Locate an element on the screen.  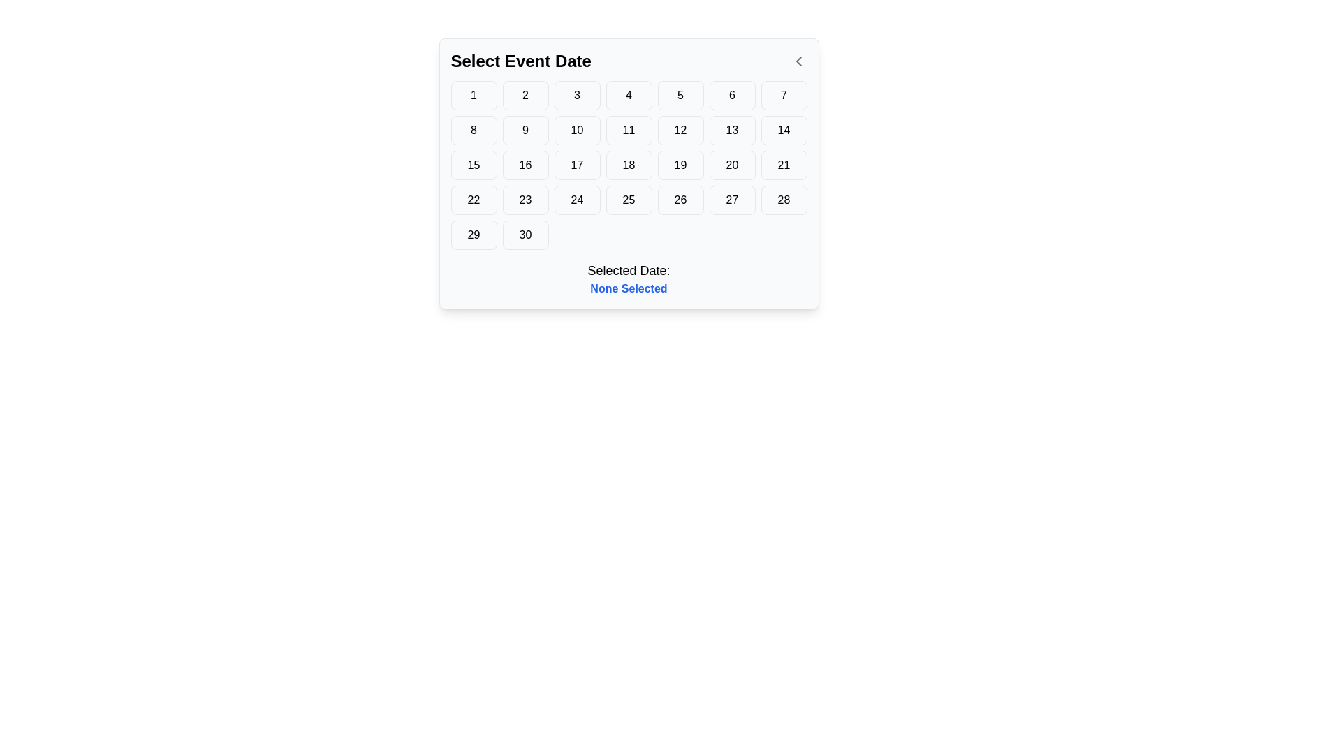
the rounded rectangle button with a gray border and a white background, which has a black number '3' centered inside is located at coordinates (577, 95).